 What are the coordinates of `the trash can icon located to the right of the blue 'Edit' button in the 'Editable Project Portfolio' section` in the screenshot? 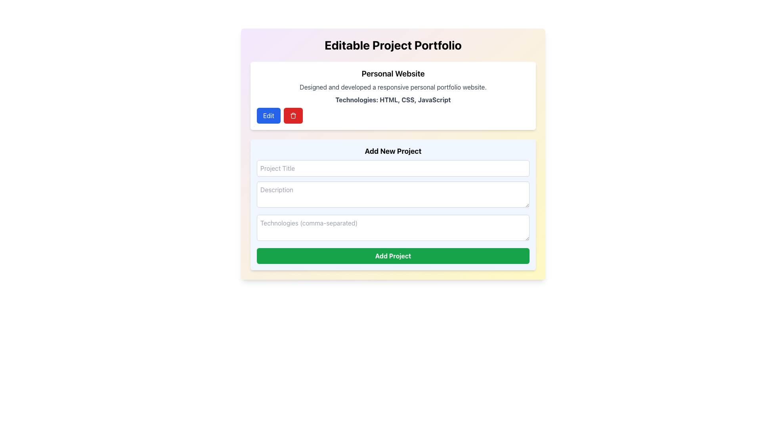 It's located at (293, 116).